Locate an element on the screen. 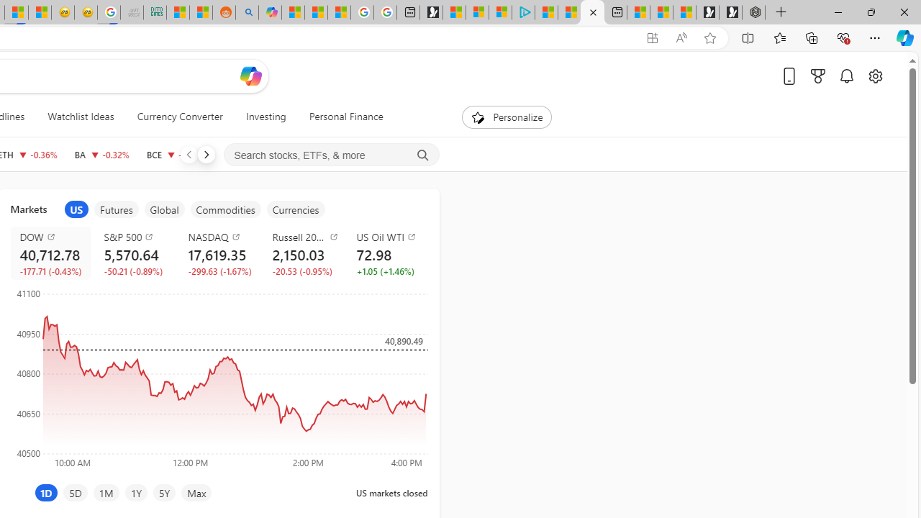 The image size is (921, 518). 'DOW' is located at coordinates (53, 236).